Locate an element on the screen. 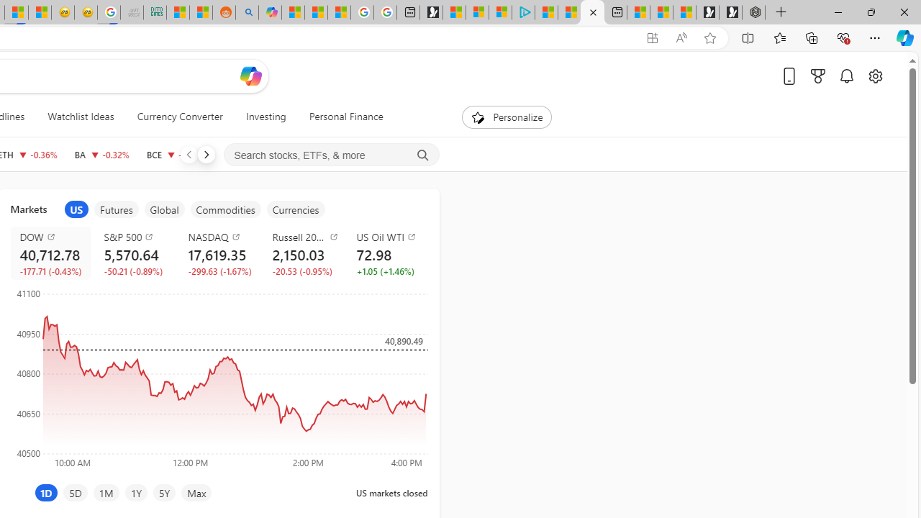 The image size is (921, 518). 'DOW' is located at coordinates (53, 236).